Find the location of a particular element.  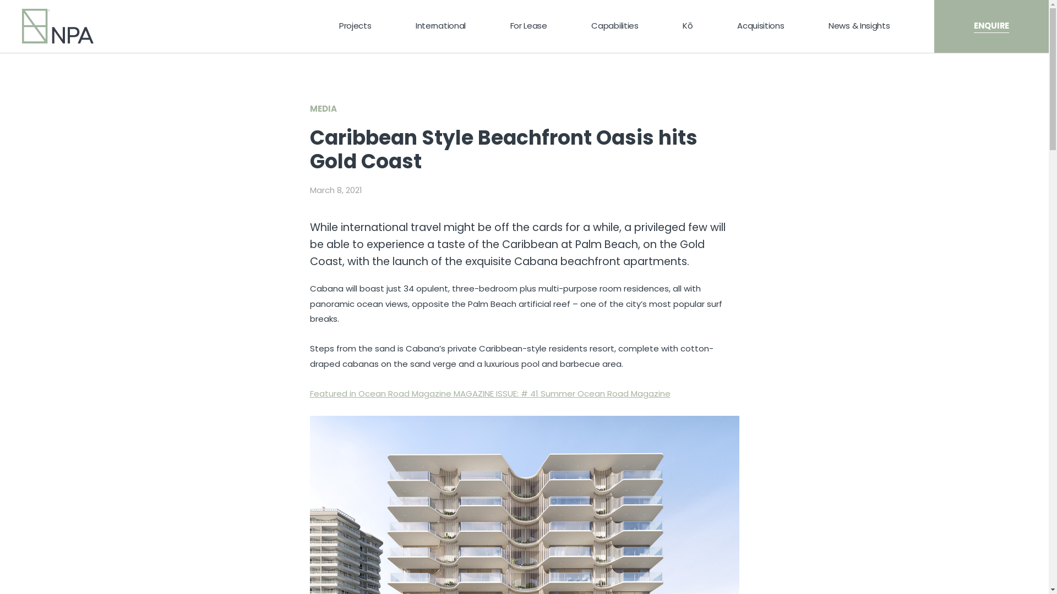

'ENQUIRE' is located at coordinates (991, 25).